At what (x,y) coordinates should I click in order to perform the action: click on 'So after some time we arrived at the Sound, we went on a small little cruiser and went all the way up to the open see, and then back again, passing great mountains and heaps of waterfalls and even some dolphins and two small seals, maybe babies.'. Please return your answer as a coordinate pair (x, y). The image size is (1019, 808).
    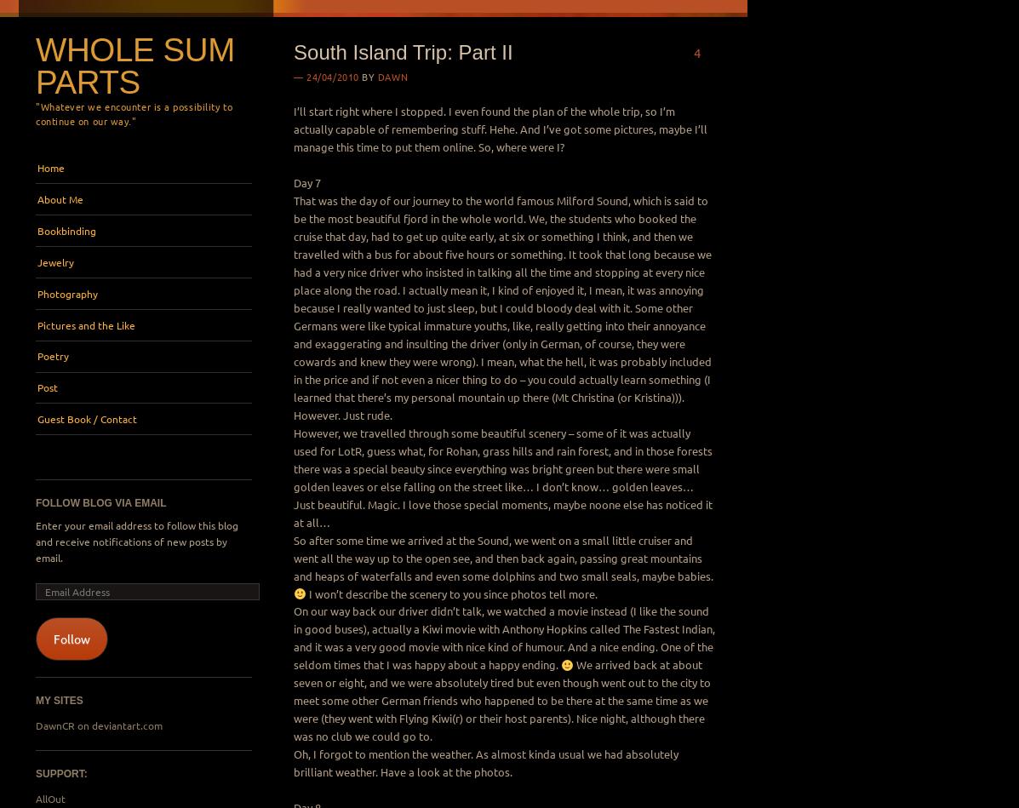
    Looking at the image, I should click on (503, 557).